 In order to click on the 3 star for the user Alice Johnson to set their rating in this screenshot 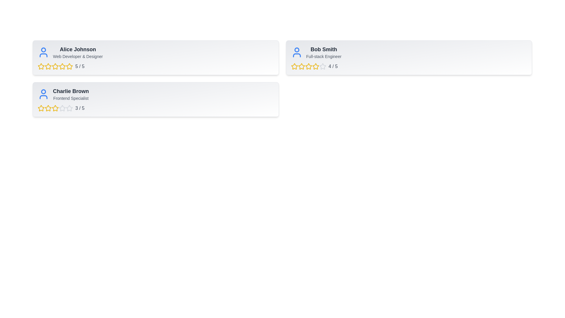, I will do `click(55, 66)`.